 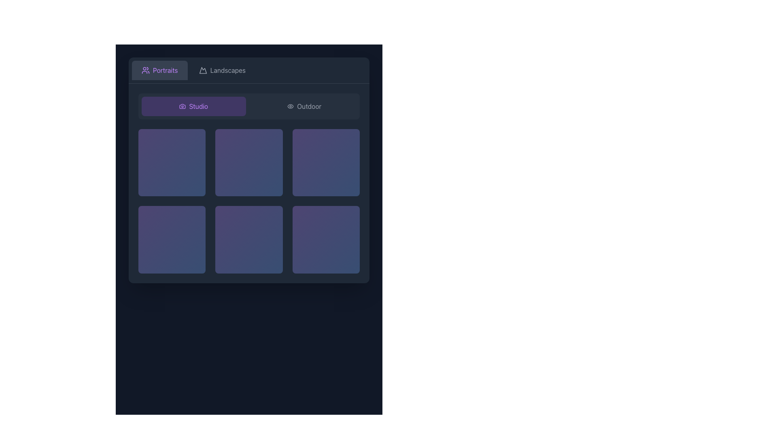 What do you see at coordinates (193, 106) in the screenshot?
I see `the 'Studio' button, which is the first button in a row of two` at bounding box center [193, 106].